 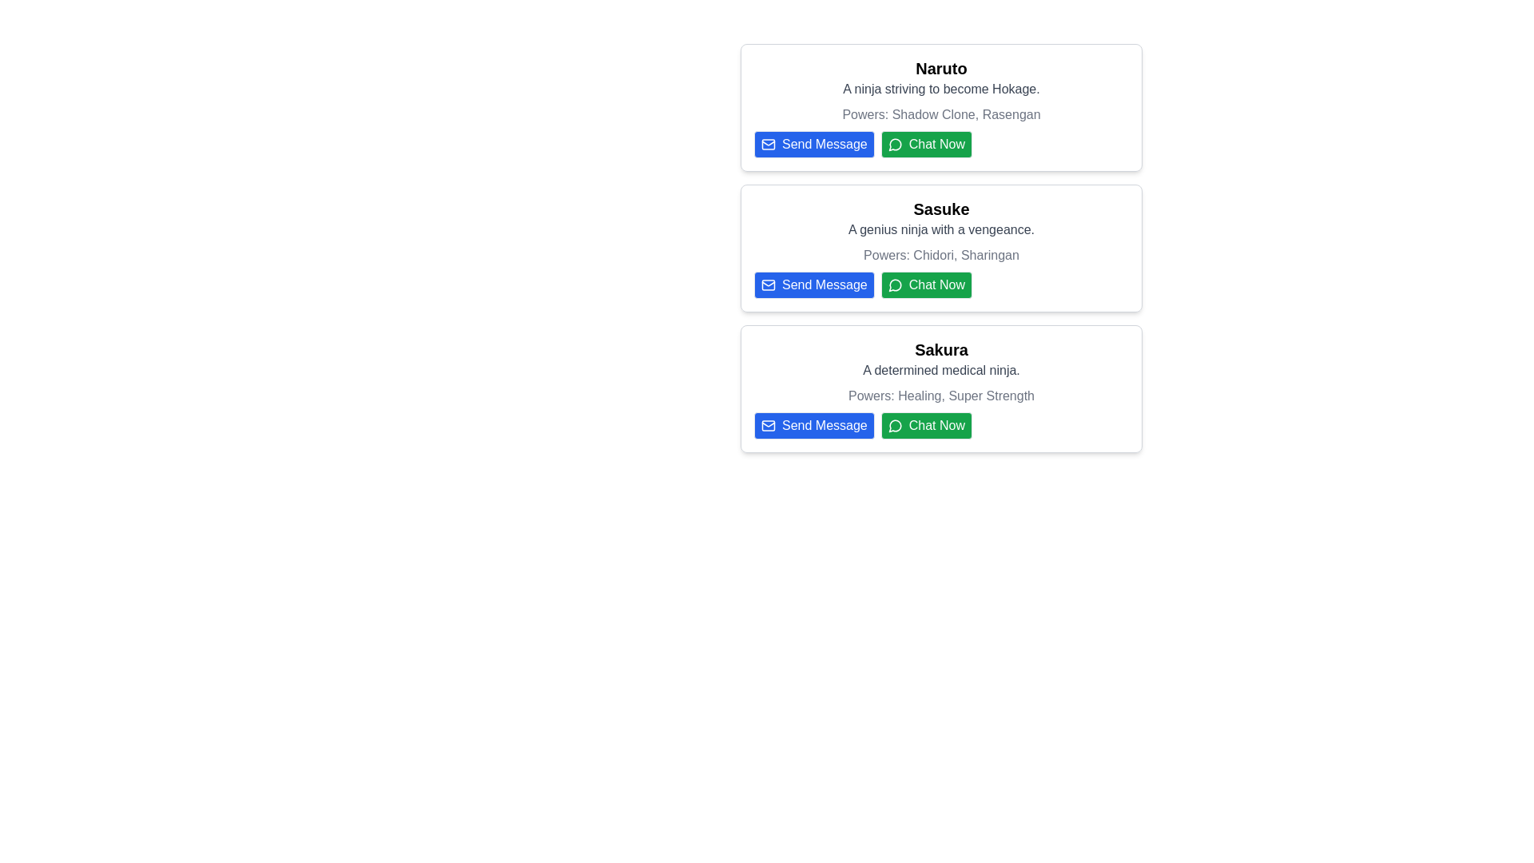 What do you see at coordinates (768, 145) in the screenshot?
I see `the blue rounded rectangle that forms the body of the envelope icon within the 'Send Message' button under the user card labeled 'Naruto'` at bounding box center [768, 145].